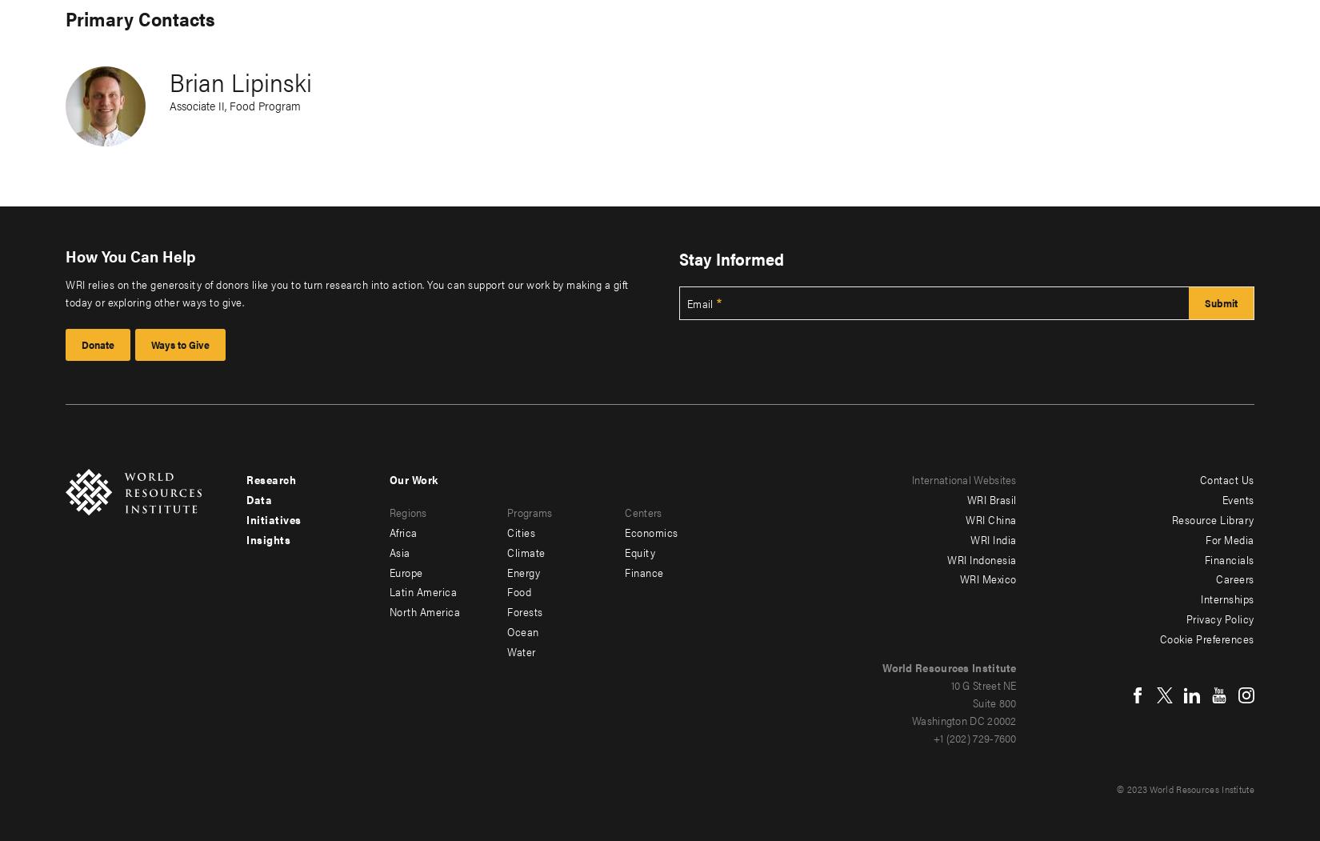 The image size is (1320, 841). What do you see at coordinates (405, 571) in the screenshot?
I see `'Europe'` at bounding box center [405, 571].